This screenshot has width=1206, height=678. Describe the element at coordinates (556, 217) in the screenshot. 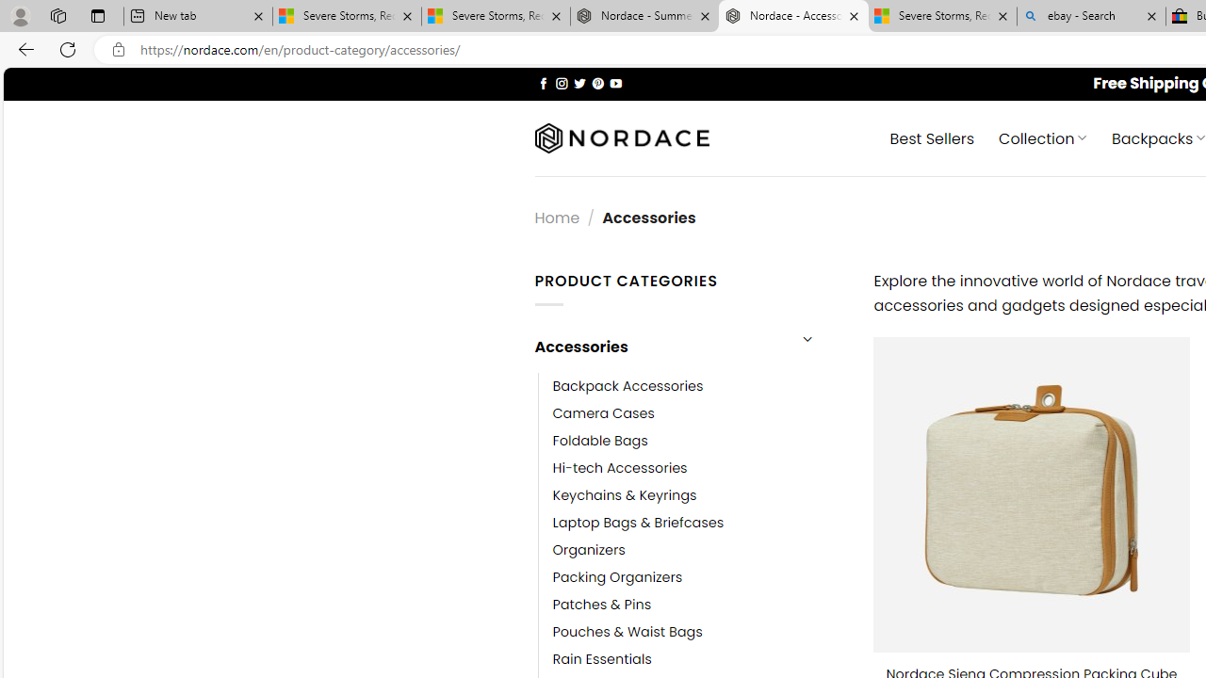

I see `'Home'` at that location.